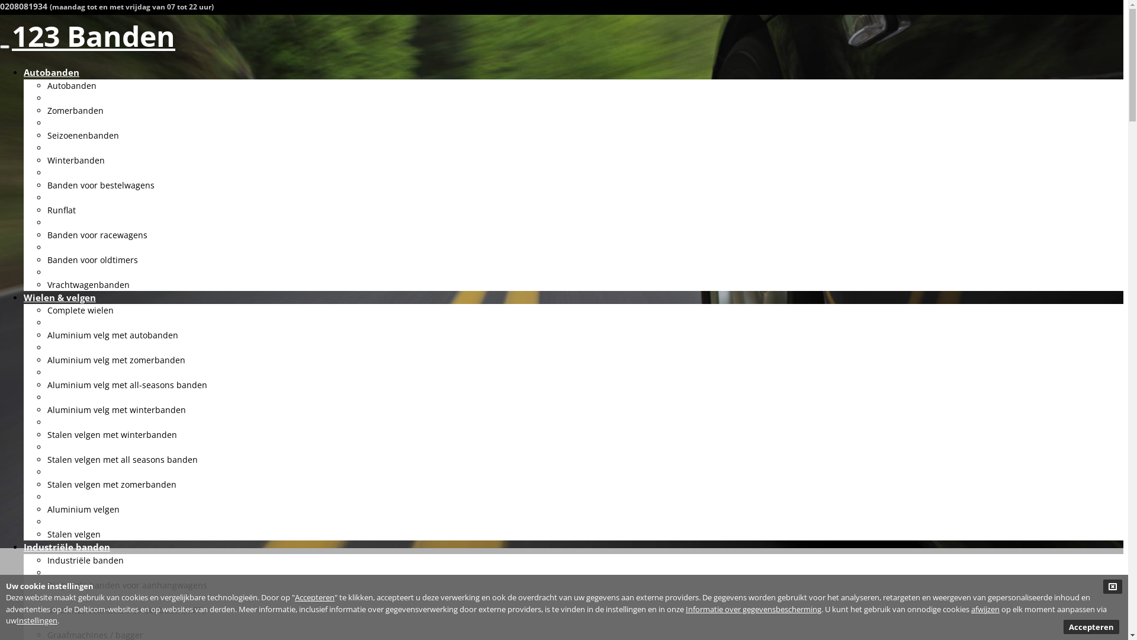 The height and width of the screenshot is (640, 1137). Describe the element at coordinates (82, 508) in the screenshot. I see `'Aluminium velgen'` at that location.